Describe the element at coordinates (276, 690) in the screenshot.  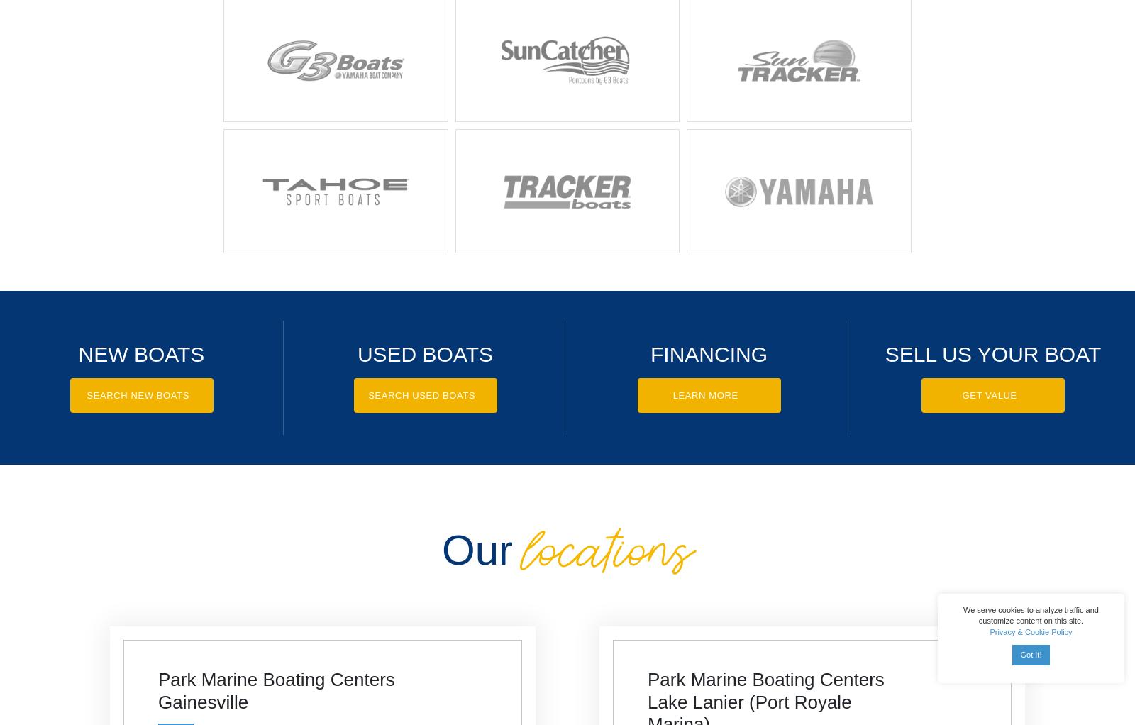
I see `'Park Marine Boating Centers Gainesville'` at that location.